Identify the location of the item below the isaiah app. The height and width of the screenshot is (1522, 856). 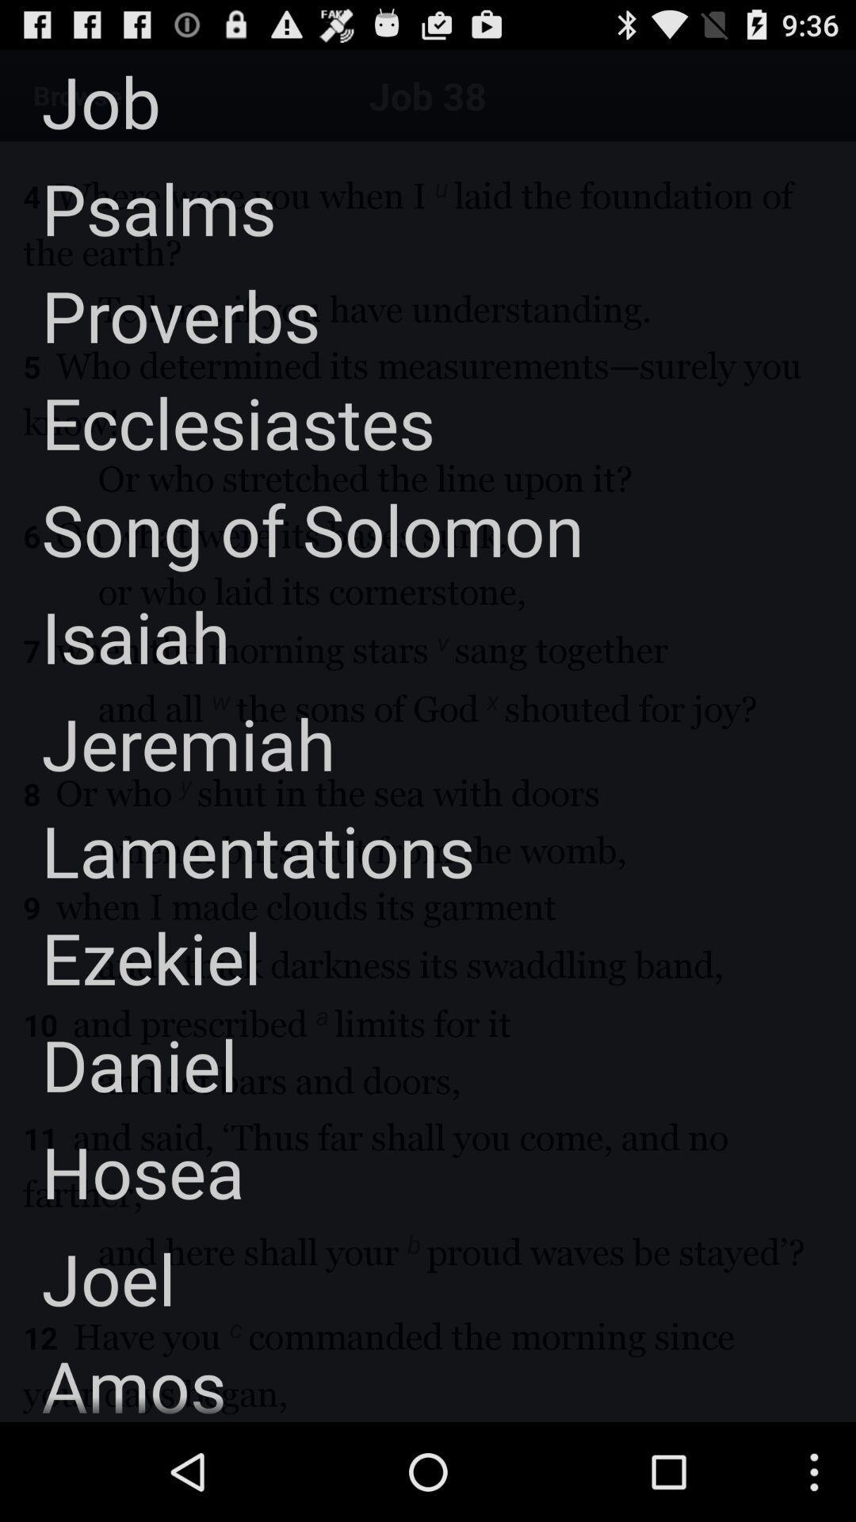
(167, 742).